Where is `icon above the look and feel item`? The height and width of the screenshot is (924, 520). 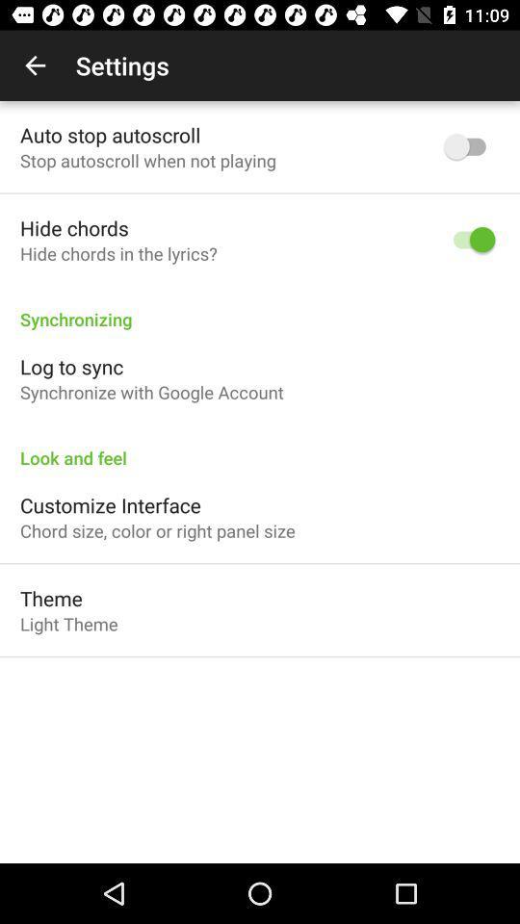 icon above the look and feel item is located at coordinates (150, 391).